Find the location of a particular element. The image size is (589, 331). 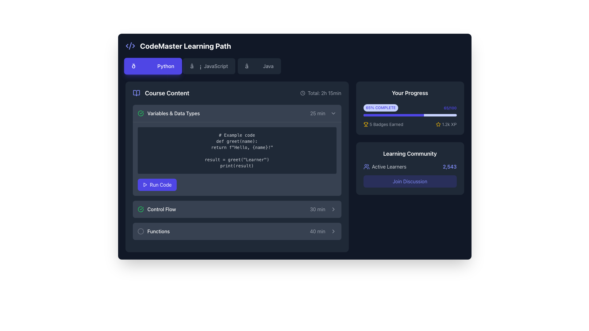

the 'Control Flow' module is located at coordinates (237, 209).